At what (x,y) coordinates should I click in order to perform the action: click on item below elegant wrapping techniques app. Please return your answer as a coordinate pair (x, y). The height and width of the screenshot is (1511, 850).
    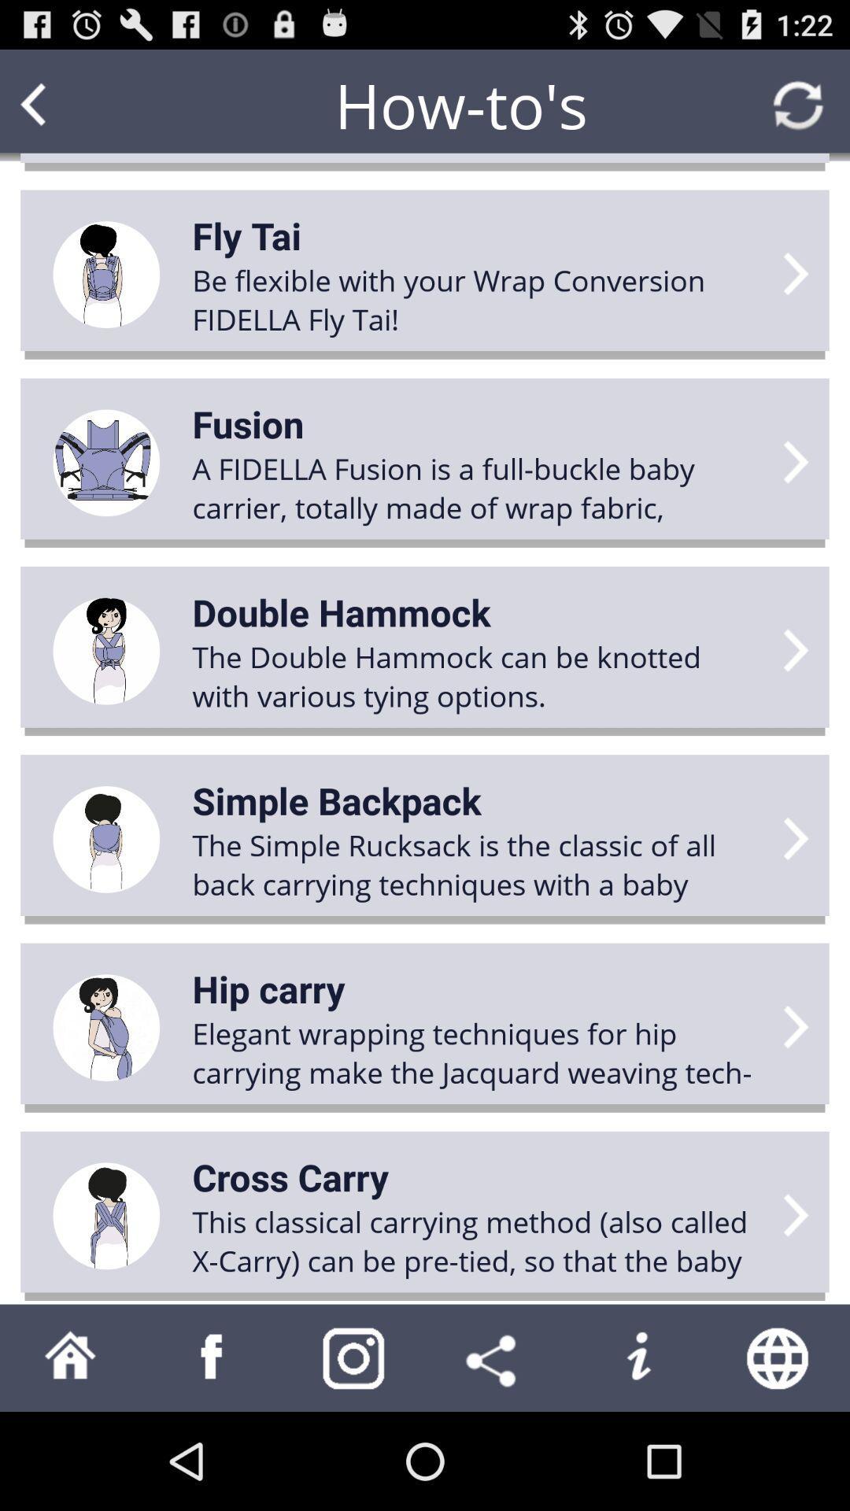
    Looking at the image, I should click on (290, 1177).